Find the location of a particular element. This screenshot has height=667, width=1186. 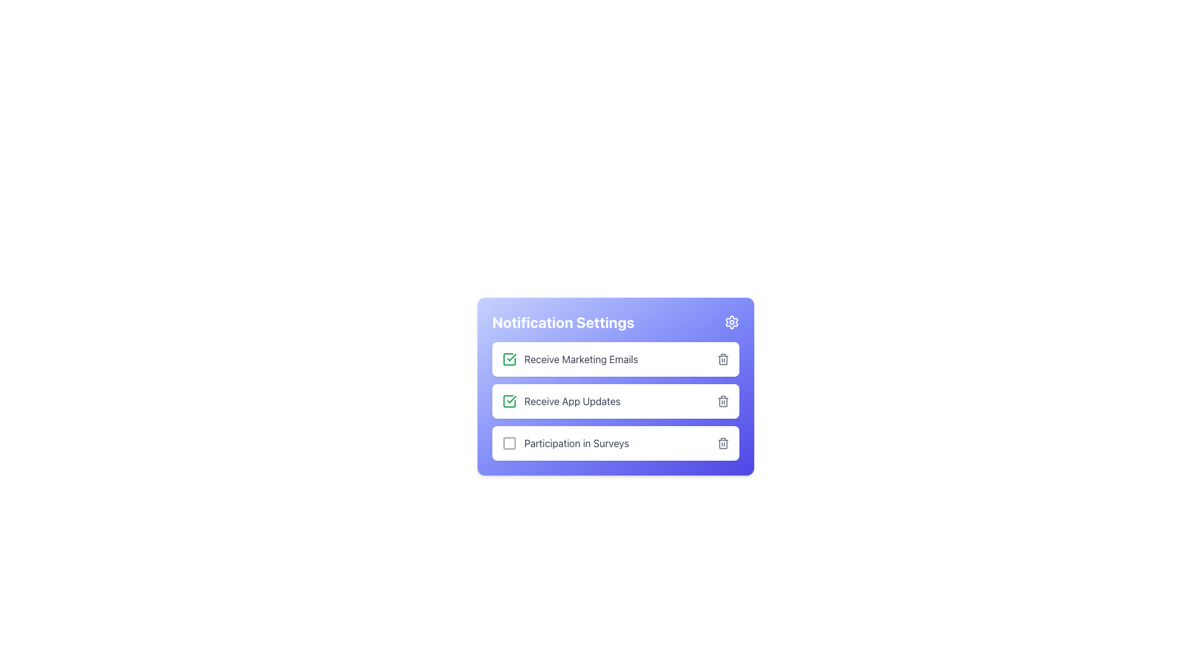

the trash can icon button is located at coordinates (723, 442).